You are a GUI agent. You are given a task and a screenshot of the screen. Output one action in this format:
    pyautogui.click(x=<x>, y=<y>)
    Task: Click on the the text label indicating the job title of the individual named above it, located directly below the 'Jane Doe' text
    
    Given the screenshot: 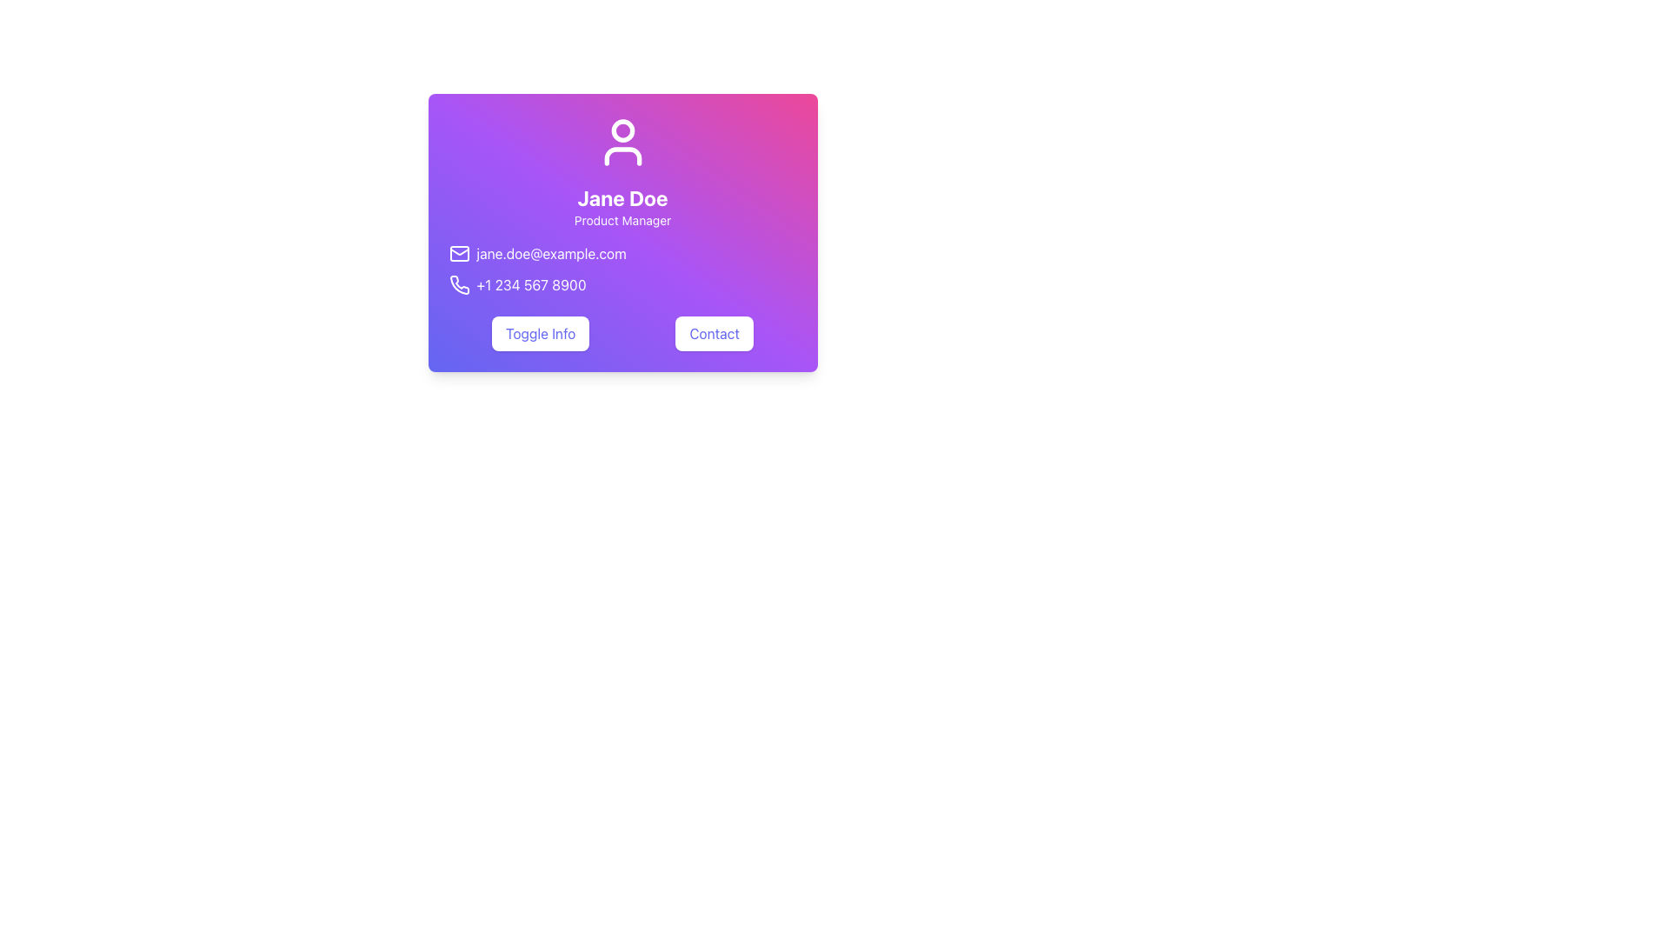 What is the action you would take?
    pyautogui.click(x=622, y=220)
    